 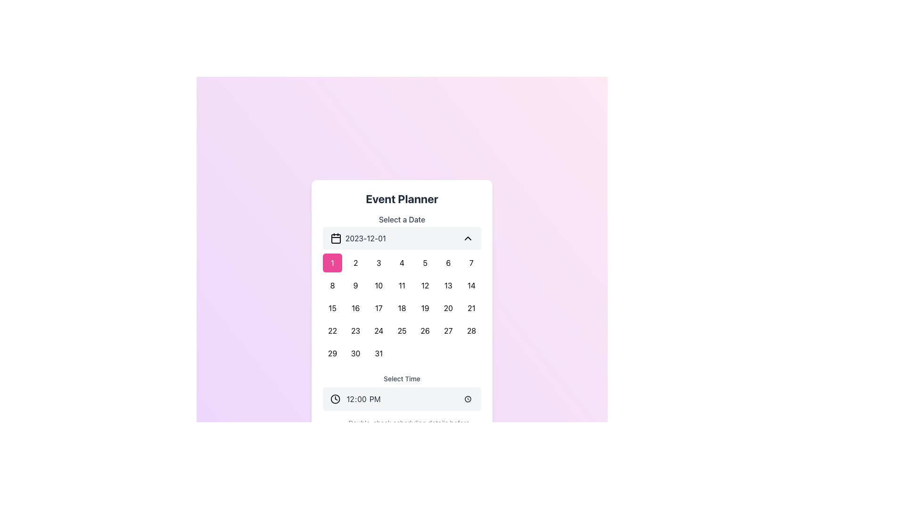 I want to click on to select the calendar date cell displaying the number '14' located in the last column of the second week in the 'Event Planner' section, so click(x=471, y=285).